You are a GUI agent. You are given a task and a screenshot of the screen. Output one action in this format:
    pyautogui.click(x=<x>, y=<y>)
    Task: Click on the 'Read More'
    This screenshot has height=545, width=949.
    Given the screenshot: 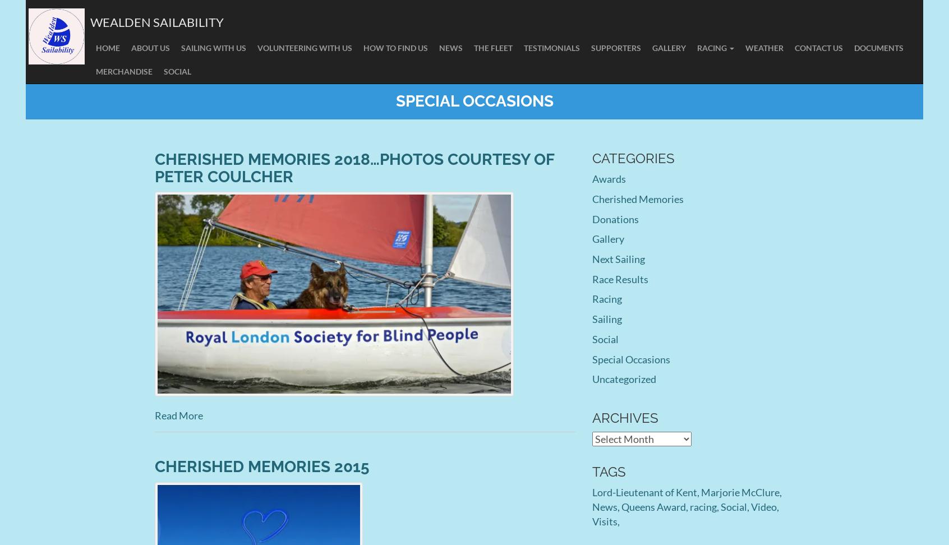 What is the action you would take?
    pyautogui.click(x=178, y=414)
    